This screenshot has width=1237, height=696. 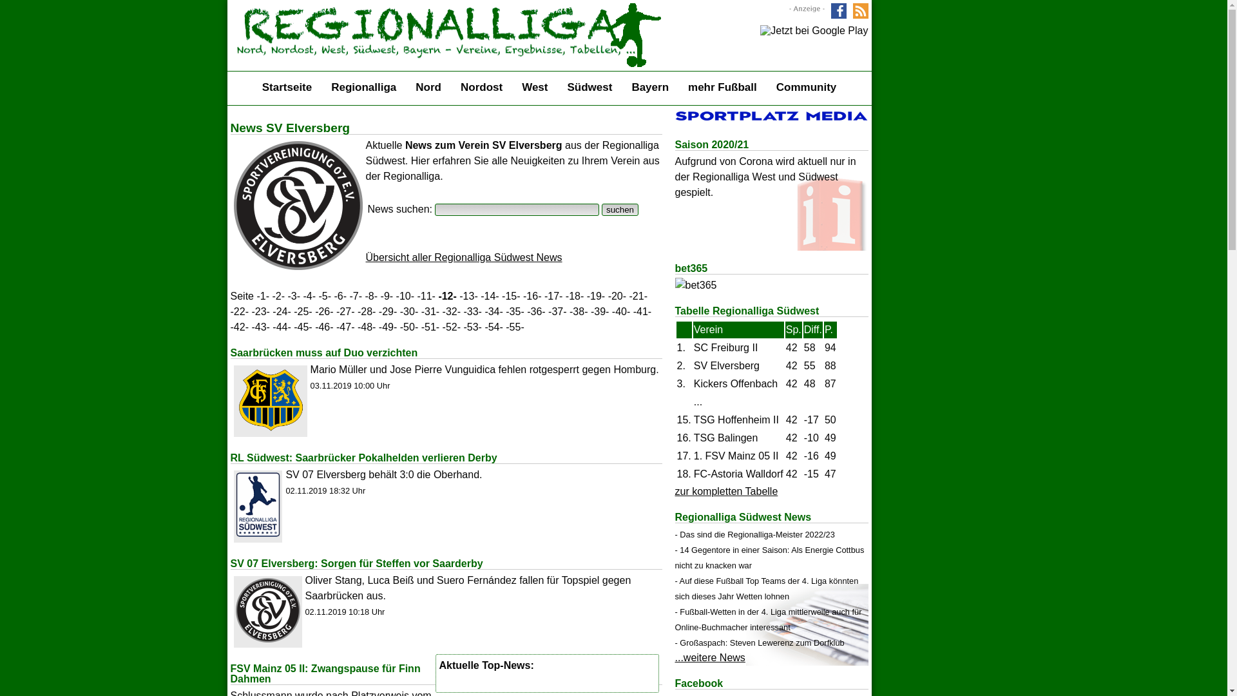 I want to click on '-2-', so click(x=278, y=296).